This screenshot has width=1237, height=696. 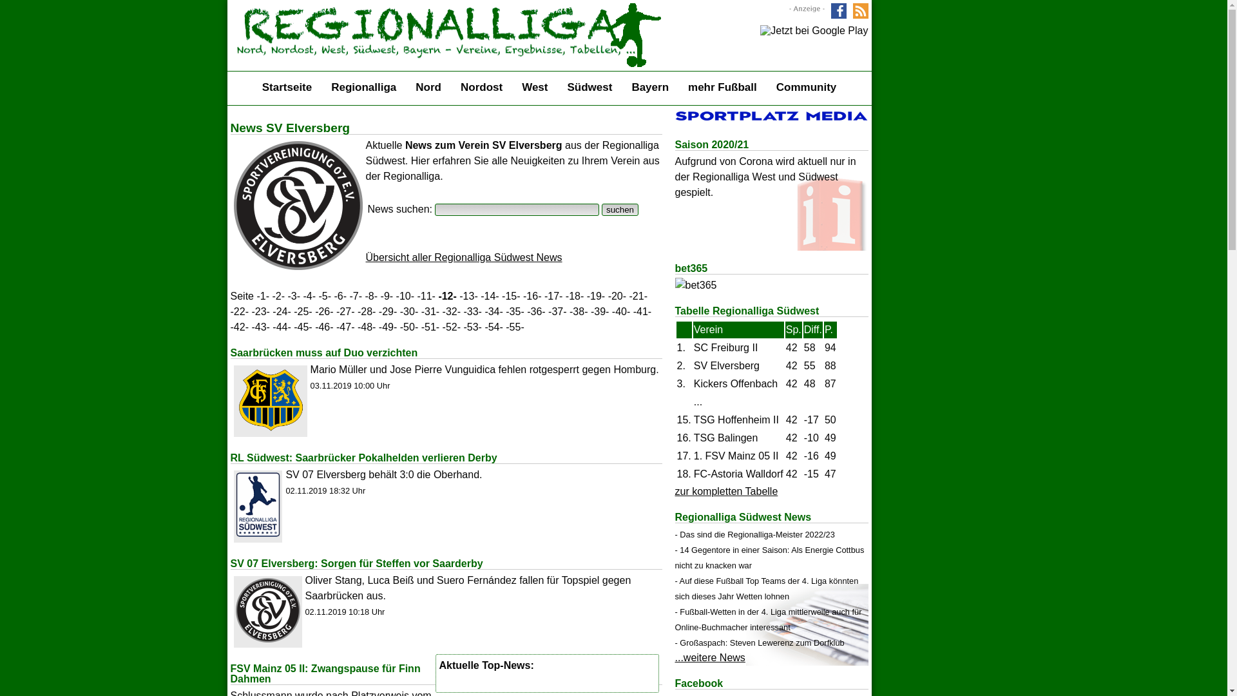 I want to click on '-2-', so click(x=278, y=296).